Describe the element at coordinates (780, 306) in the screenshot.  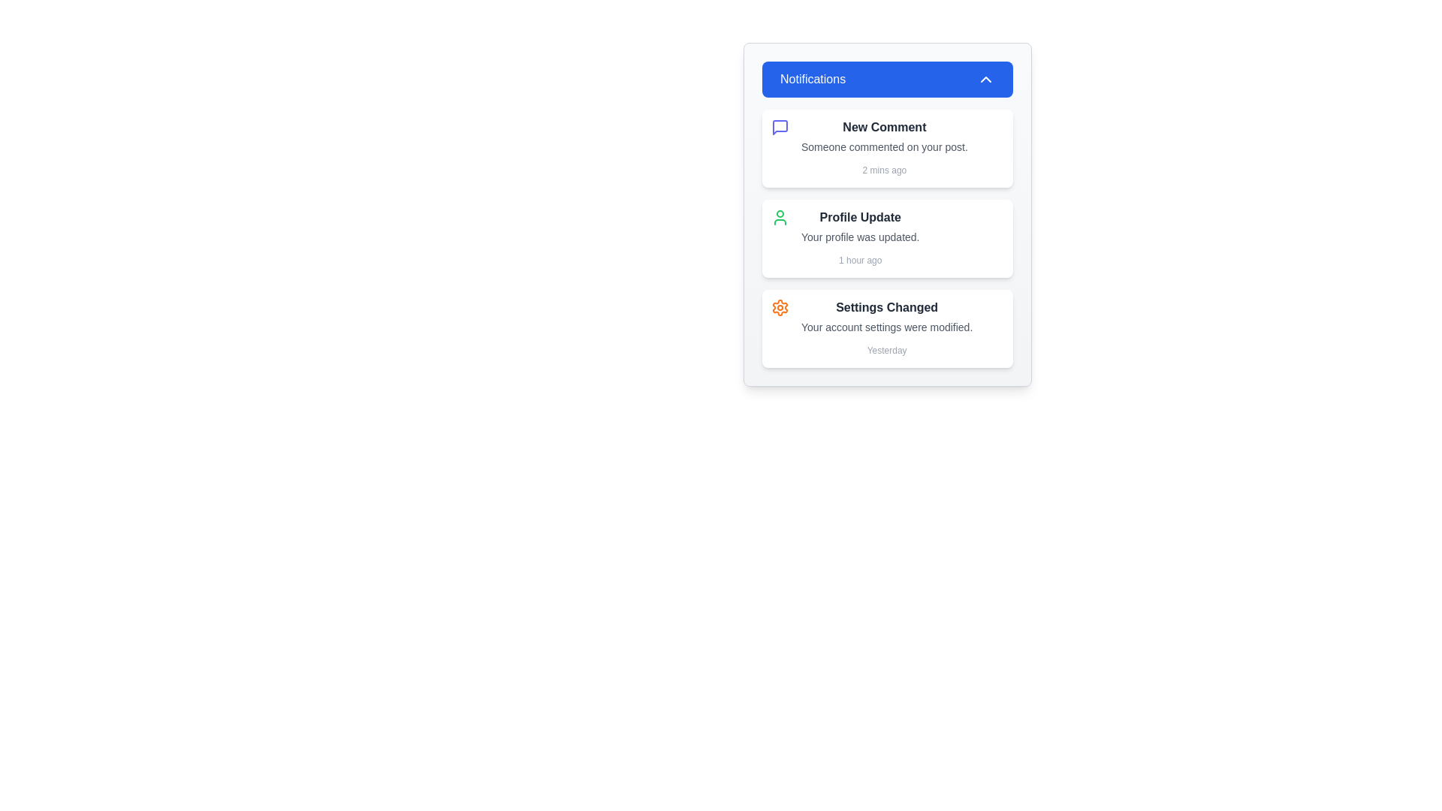
I see `the primary gear-shaped icon in the 'Settings Changed' notification block` at that location.